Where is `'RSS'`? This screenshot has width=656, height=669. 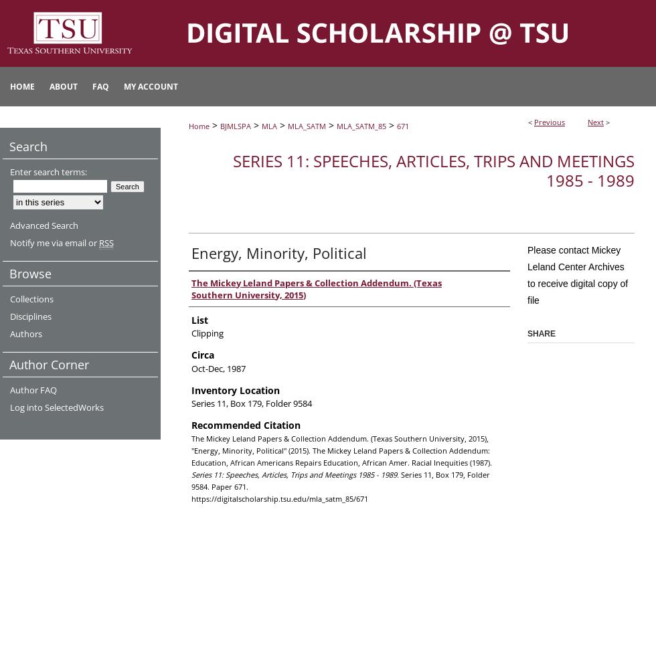
'RSS' is located at coordinates (106, 242).